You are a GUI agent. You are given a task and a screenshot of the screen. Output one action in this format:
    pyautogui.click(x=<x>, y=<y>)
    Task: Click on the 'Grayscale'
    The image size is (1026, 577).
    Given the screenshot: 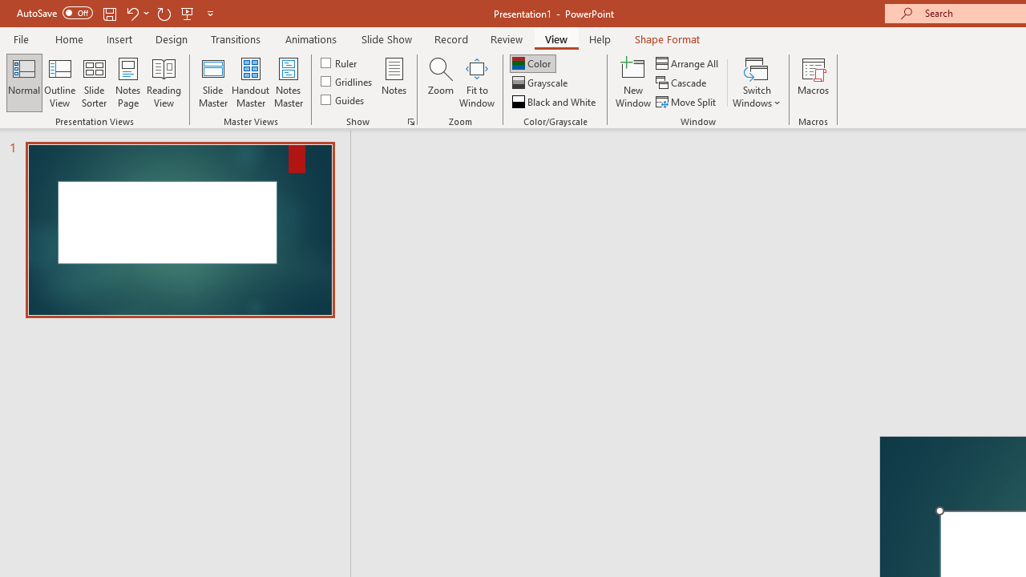 What is the action you would take?
    pyautogui.click(x=541, y=83)
    